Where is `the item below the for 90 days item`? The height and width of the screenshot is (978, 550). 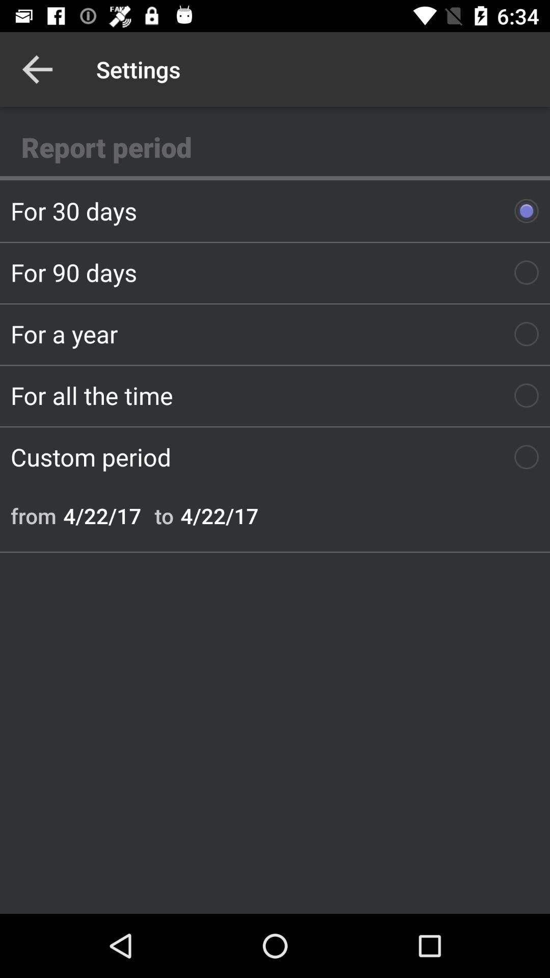
the item below the for 90 days item is located at coordinates (275, 334).